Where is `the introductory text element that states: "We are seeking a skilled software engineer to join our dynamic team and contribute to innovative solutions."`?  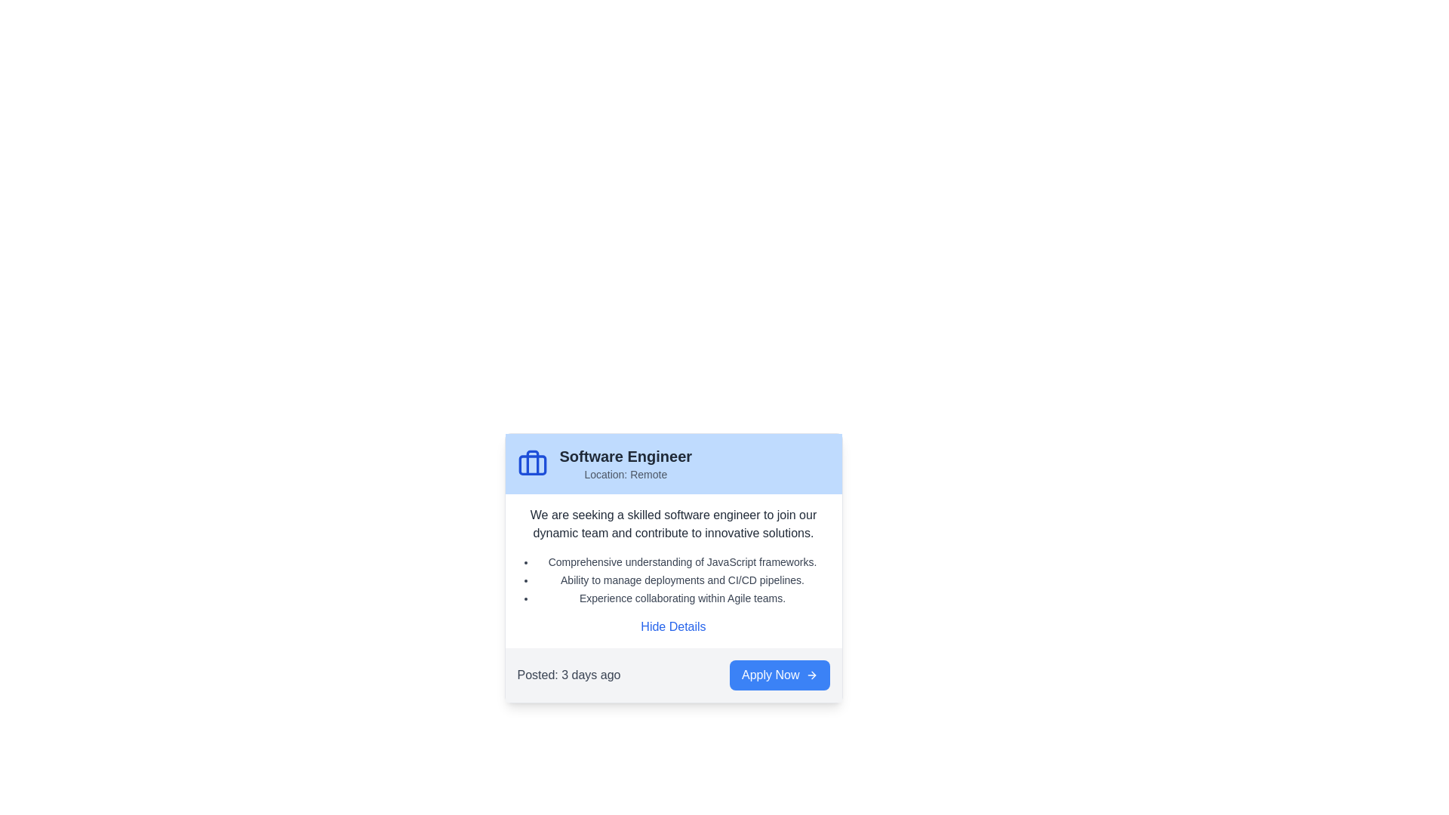
the introductory text element that states: "We are seeking a skilled software engineer to join our dynamic team and contribute to innovative solutions." is located at coordinates (672, 523).